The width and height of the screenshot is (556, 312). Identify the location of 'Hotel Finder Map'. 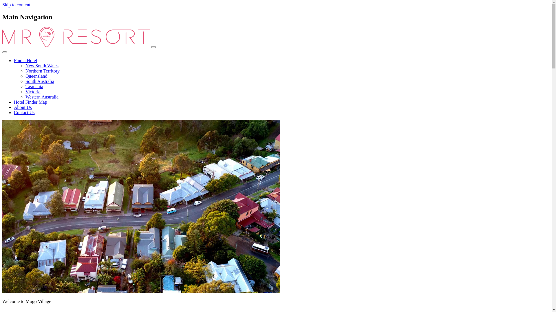
(30, 102).